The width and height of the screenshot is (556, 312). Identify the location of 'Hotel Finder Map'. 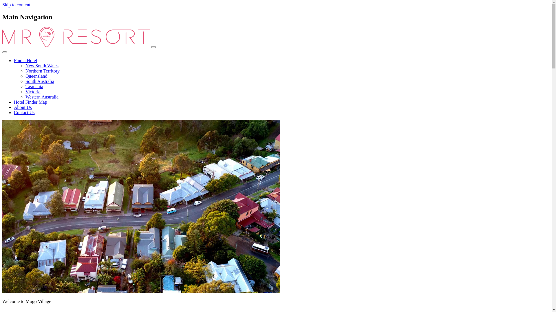
(30, 102).